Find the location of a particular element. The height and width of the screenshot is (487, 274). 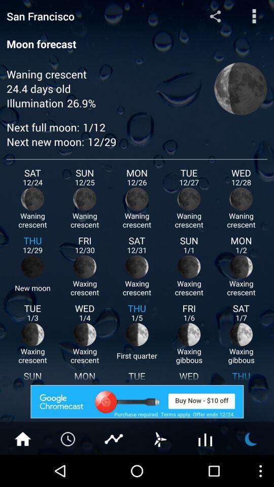

share is located at coordinates (215, 15).